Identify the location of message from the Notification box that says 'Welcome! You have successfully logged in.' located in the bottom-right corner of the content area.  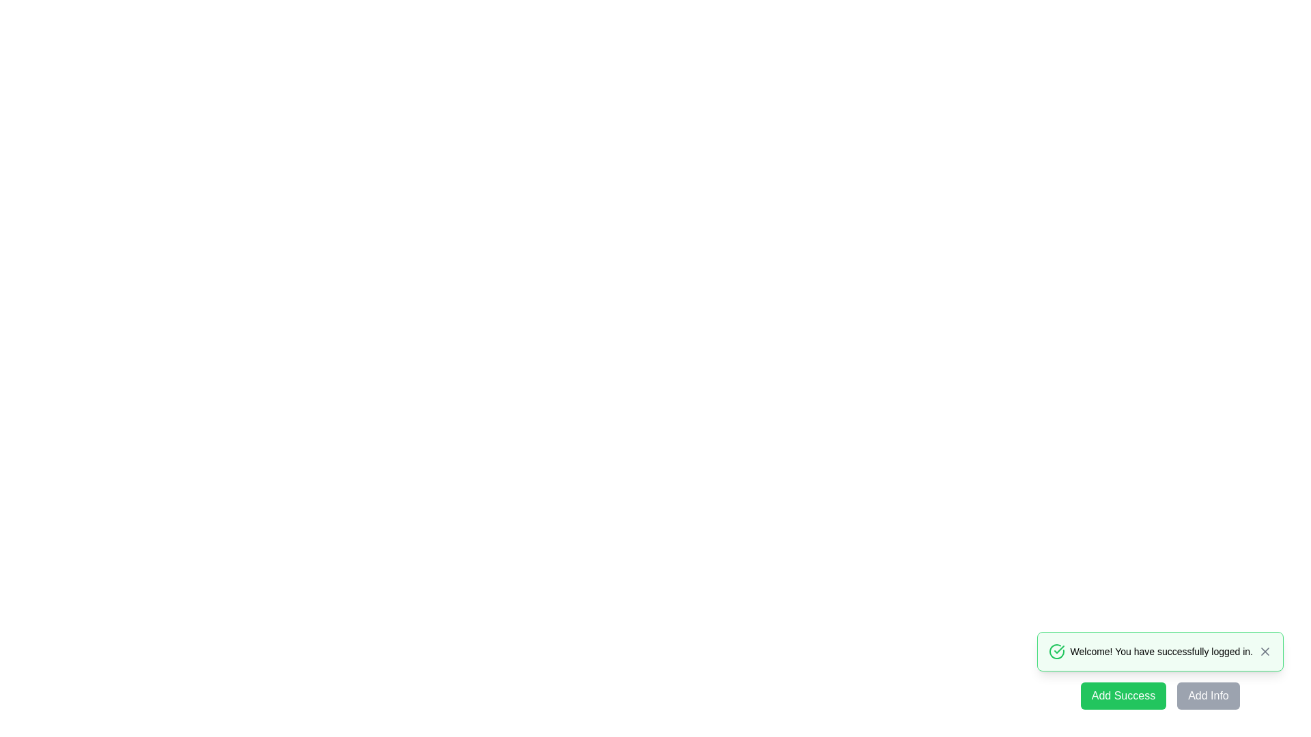
(1159, 651).